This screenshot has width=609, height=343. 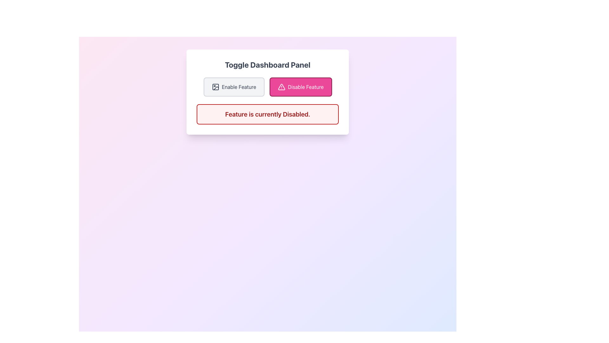 I want to click on the text label that indicates the feature is disabled, so click(x=268, y=114).